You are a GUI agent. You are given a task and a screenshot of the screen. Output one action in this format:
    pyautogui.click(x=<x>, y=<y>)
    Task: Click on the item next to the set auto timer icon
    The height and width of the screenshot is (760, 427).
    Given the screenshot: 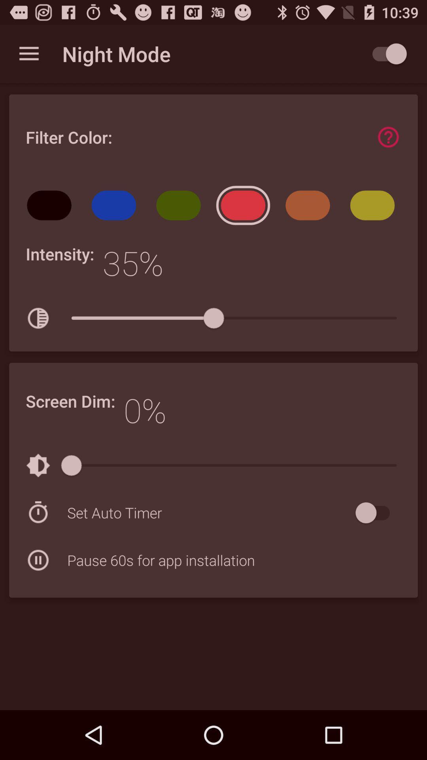 What is the action you would take?
    pyautogui.click(x=376, y=513)
    